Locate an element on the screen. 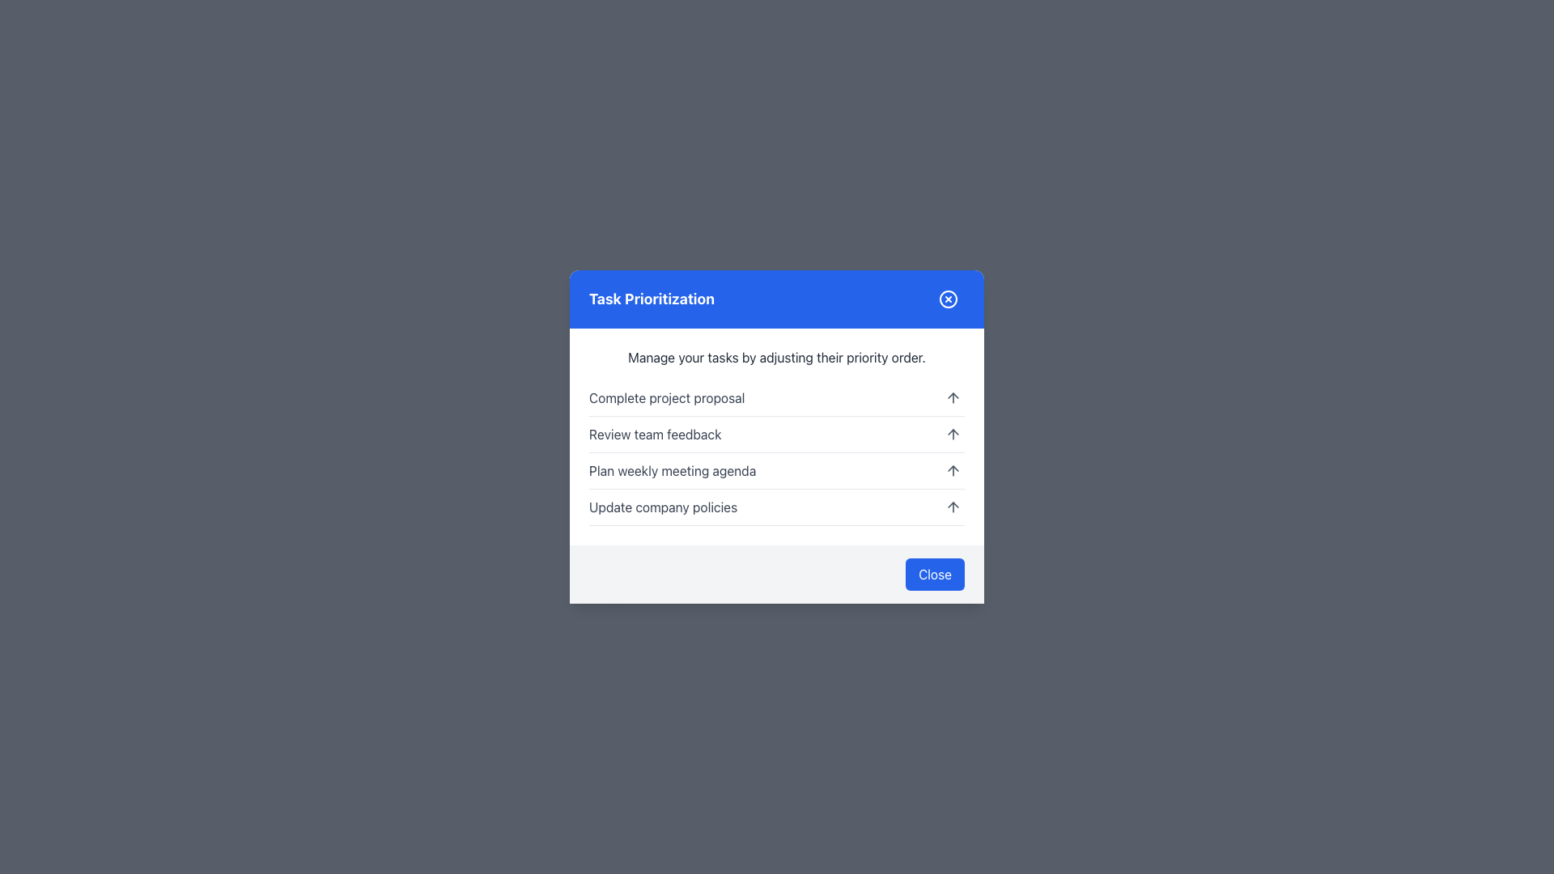  the upward arrow button located to the right of the first list item labeled 'Complete project proposal' in the modal window to move the associated item up in priority is located at coordinates (953, 398).